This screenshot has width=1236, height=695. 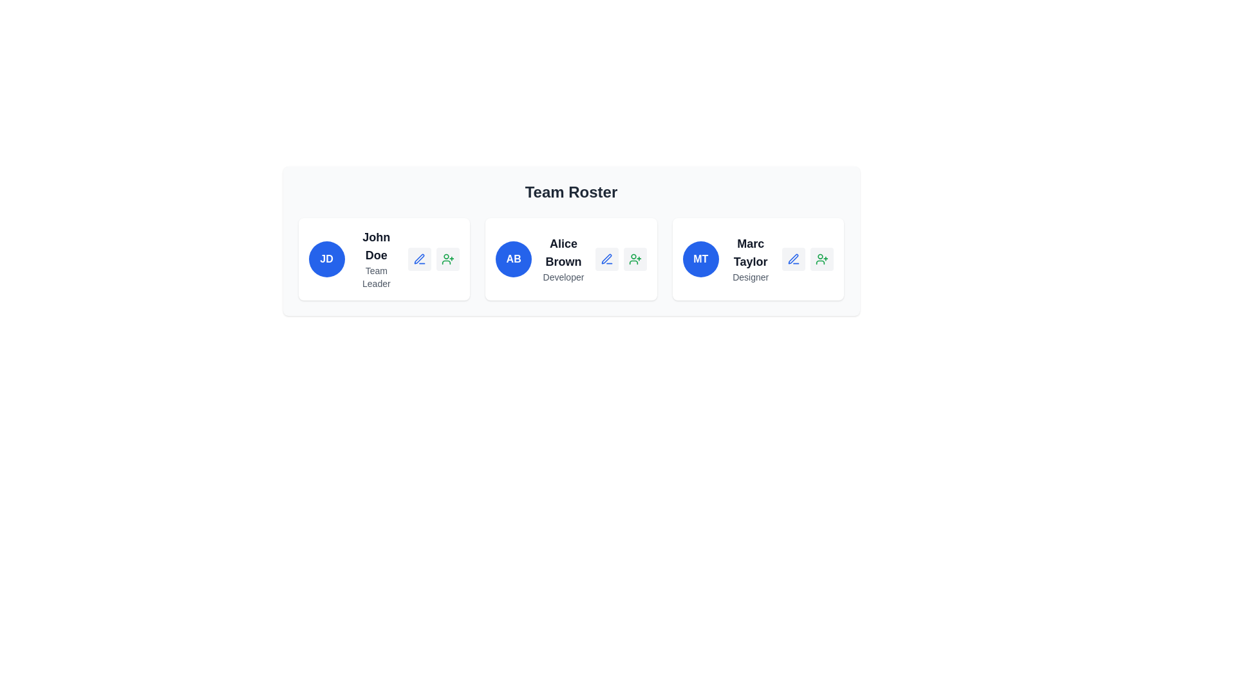 I want to click on the circular User Avatar Badge with blue background and white text containing 'AB', positioned to the left of 'Alice Brown Developer', so click(x=513, y=259).